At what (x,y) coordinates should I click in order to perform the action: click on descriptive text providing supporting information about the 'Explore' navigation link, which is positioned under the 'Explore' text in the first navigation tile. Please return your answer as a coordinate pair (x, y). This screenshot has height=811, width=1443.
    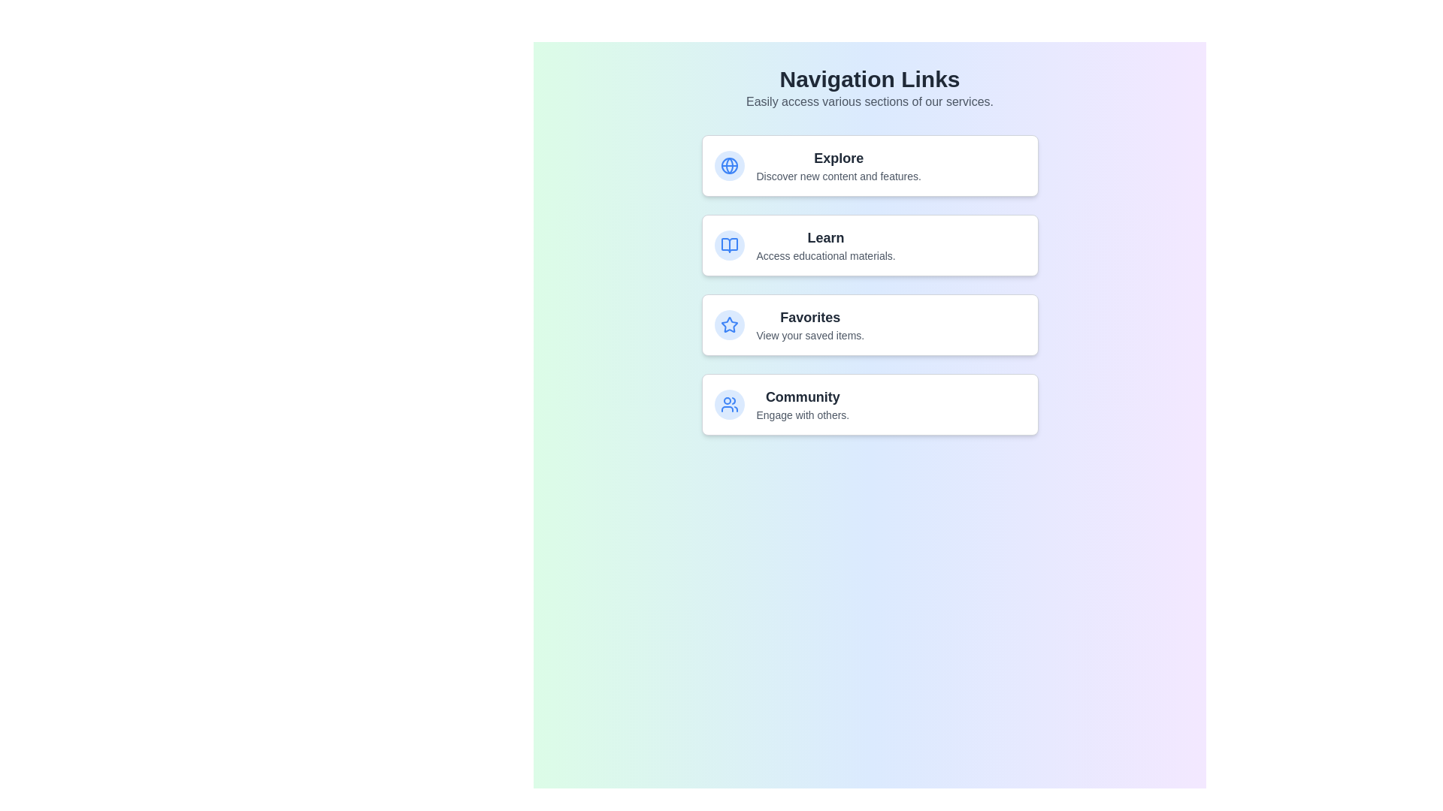
    Looking at the image, I should click on (838, 176).